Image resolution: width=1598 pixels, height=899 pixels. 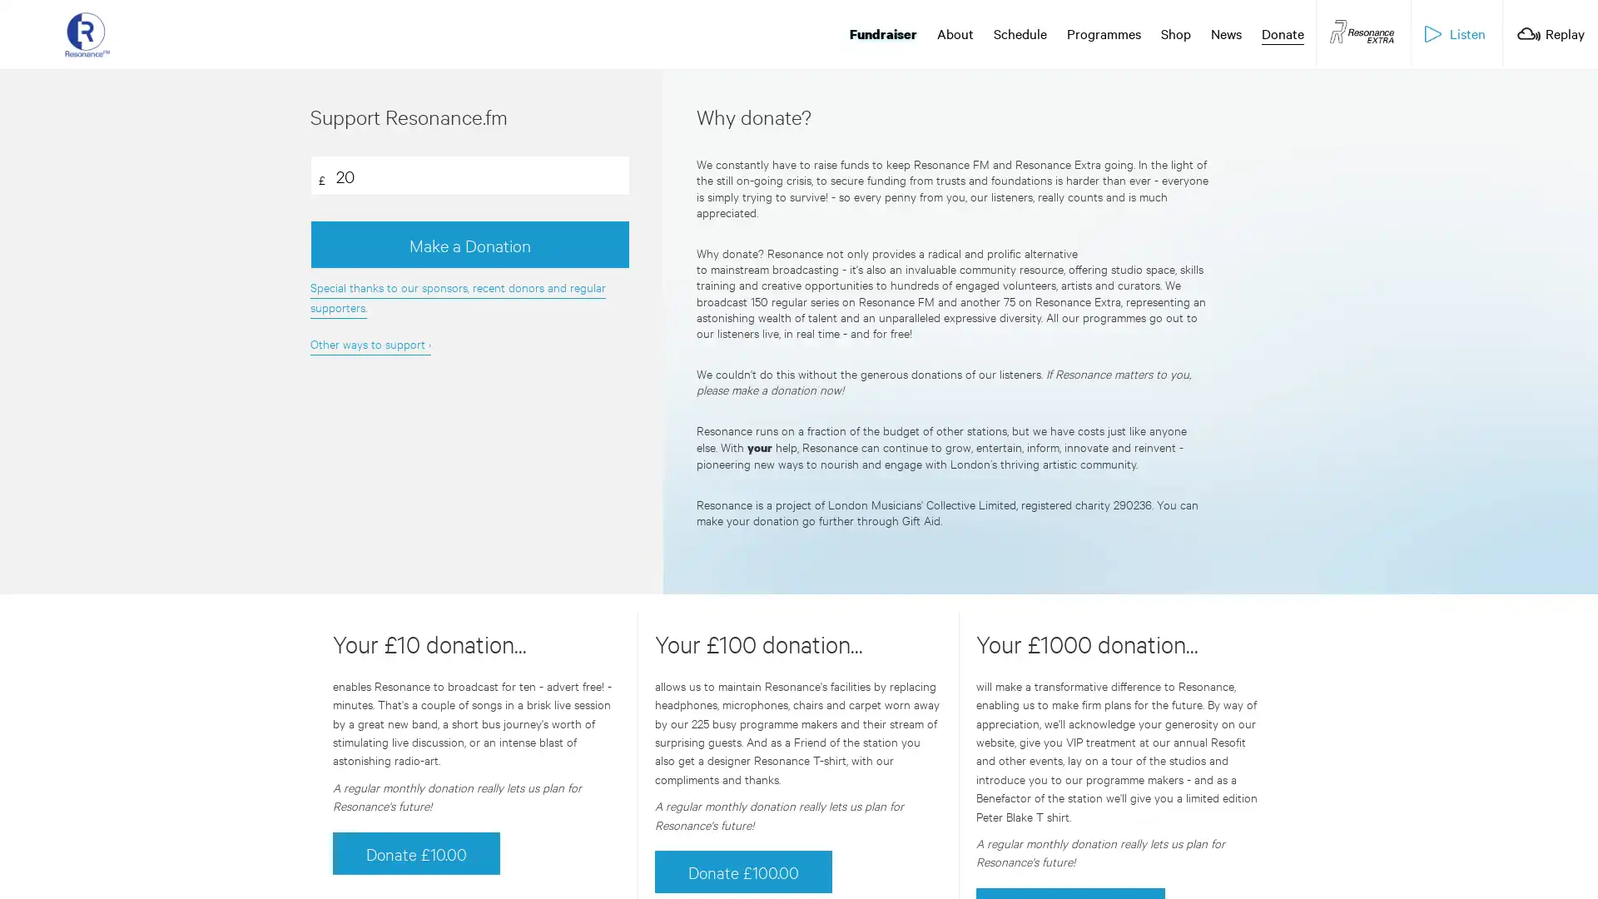 What do you see at coordinates (469, 244) in the screenshot?
I see `Make a Donation` at bounding box center [469, 244].